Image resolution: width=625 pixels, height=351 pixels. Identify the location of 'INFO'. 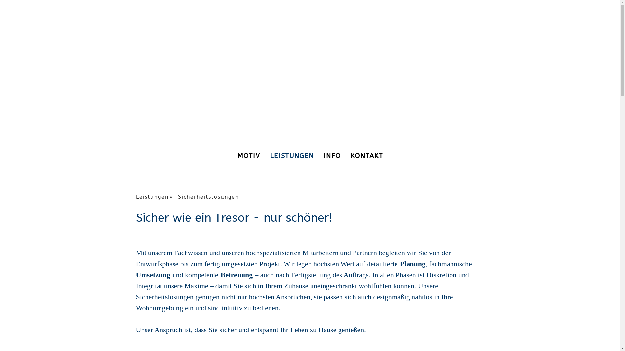
(332, 156).